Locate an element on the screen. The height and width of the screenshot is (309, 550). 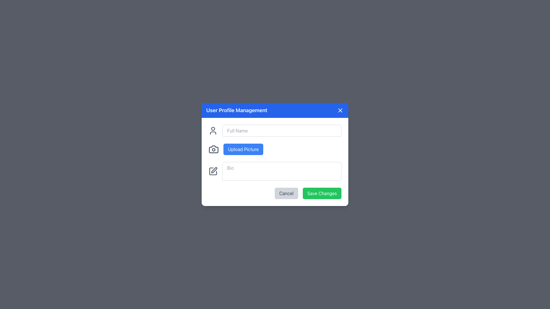
the stylized user icon in the 'User Profile Management' modal, located to the left of the 'Full Name' input field is located at coordinates (213, 133).